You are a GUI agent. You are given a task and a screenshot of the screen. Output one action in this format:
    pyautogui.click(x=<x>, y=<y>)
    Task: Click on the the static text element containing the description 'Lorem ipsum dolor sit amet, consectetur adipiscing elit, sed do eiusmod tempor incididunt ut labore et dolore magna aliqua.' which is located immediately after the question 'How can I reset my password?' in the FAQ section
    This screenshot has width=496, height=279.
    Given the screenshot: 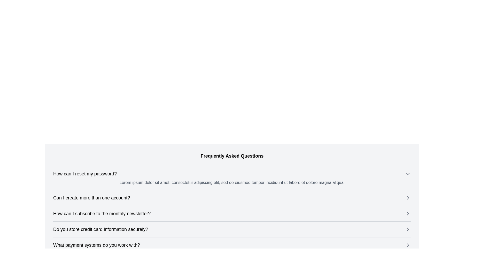 What is the action you would take?
    pyautogui.click(x=232, y=182)
    